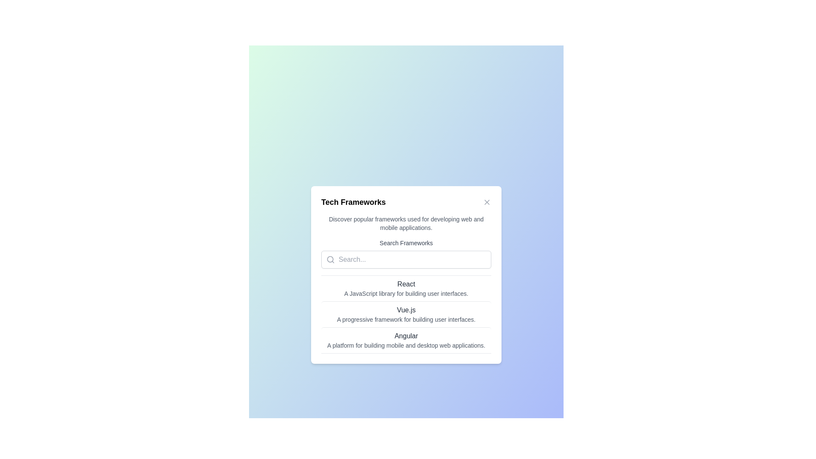 The height and width of the screenshot is (459, 816). What do you see at coordinates (405, 346) in the screenshot?
I see `the descriptive text element that provides information about the Angular framework, positioned directly under the 'Angular' text and centrally aligned within the modal` at bounding box center [405, 346].